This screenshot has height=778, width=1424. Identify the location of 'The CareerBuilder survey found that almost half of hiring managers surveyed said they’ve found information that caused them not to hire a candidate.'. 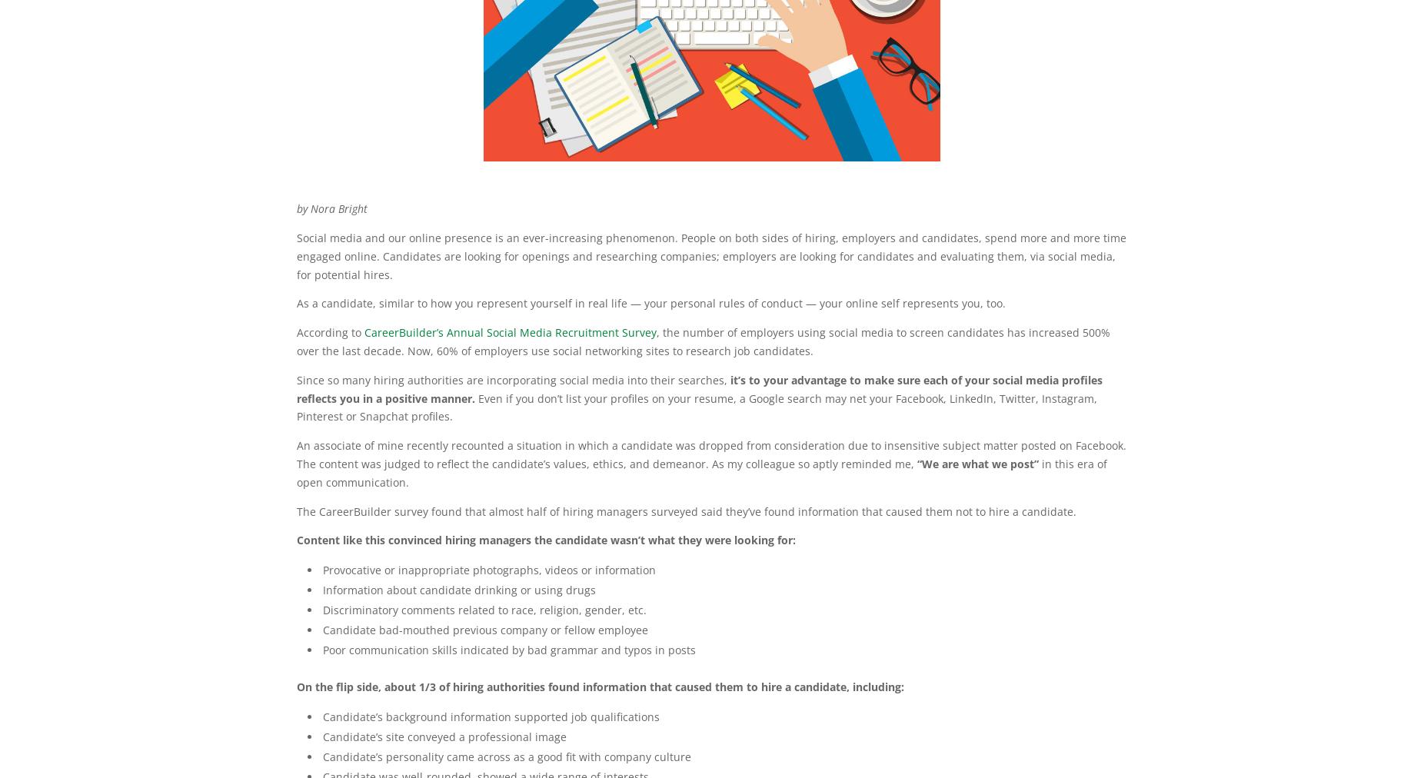
(296, 510).